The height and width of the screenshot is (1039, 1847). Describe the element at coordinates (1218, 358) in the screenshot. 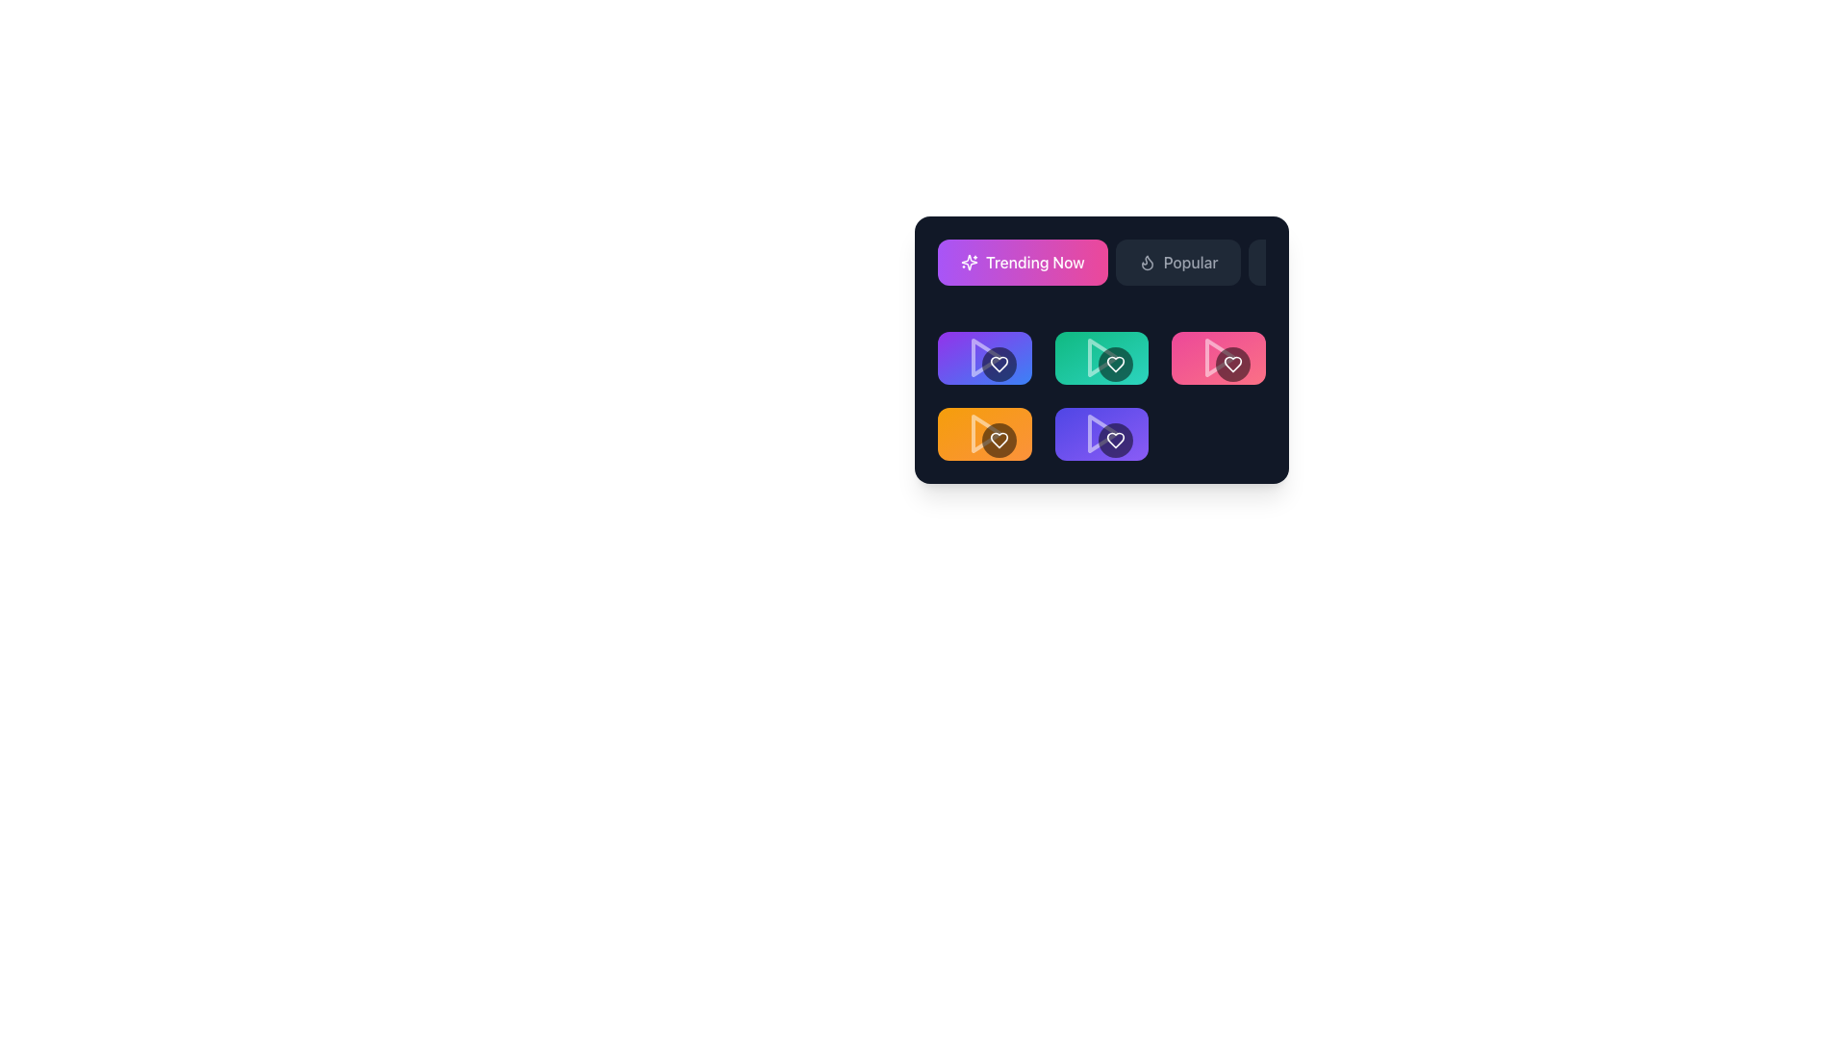

I see `the play button located in the central pink card of the third column in the grid layout` at that location.